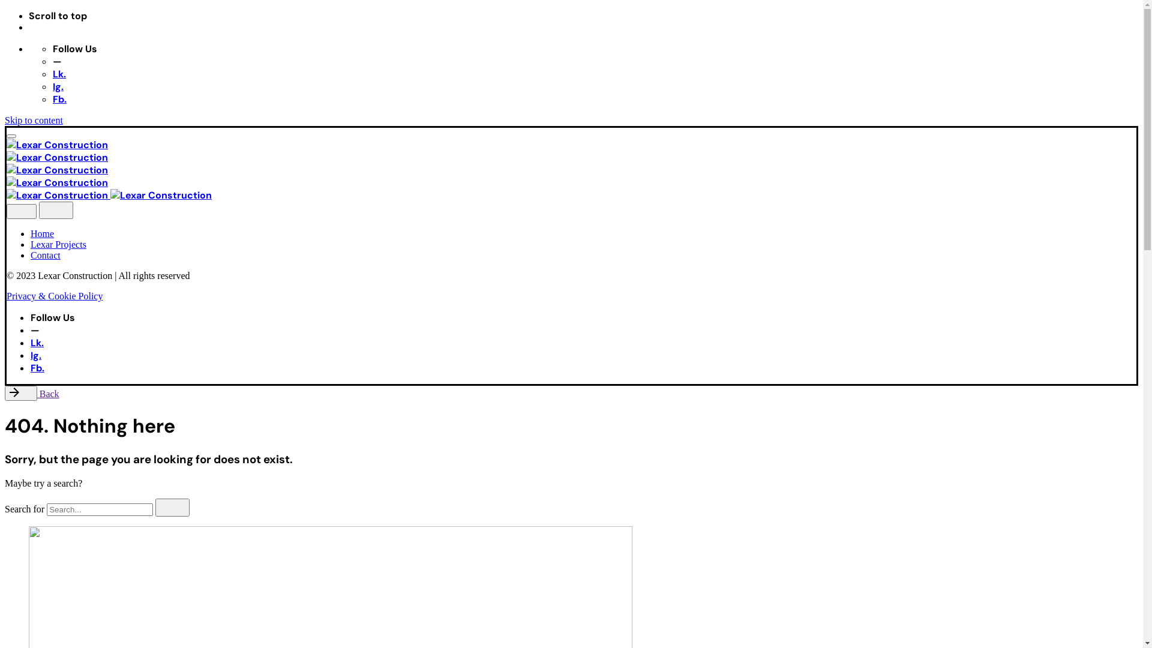 The width and height of the screenshot is (1152, 648). What do you see at coordinates (32, 394) in the screenshot?
I see `'Back'` at bounding box center [32, 394].